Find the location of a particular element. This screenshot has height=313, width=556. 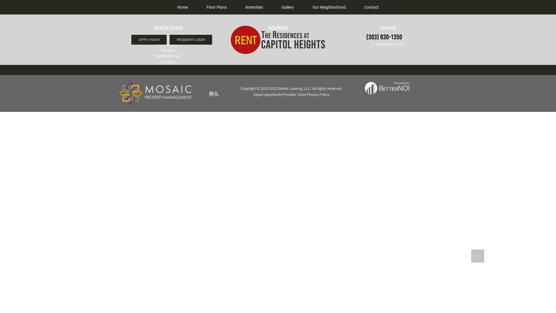

'Back to top' is located at coordinates (478, 256).